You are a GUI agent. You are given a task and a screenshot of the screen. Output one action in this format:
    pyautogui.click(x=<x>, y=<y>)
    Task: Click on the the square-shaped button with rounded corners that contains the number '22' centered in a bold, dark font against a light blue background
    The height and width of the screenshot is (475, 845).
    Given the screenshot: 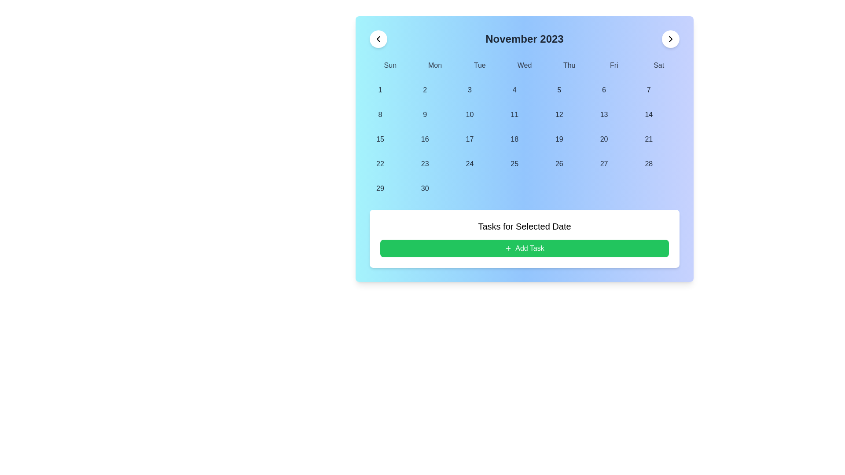 What is the action you would take?
    pyautogui.click(x=380, y=164)
    